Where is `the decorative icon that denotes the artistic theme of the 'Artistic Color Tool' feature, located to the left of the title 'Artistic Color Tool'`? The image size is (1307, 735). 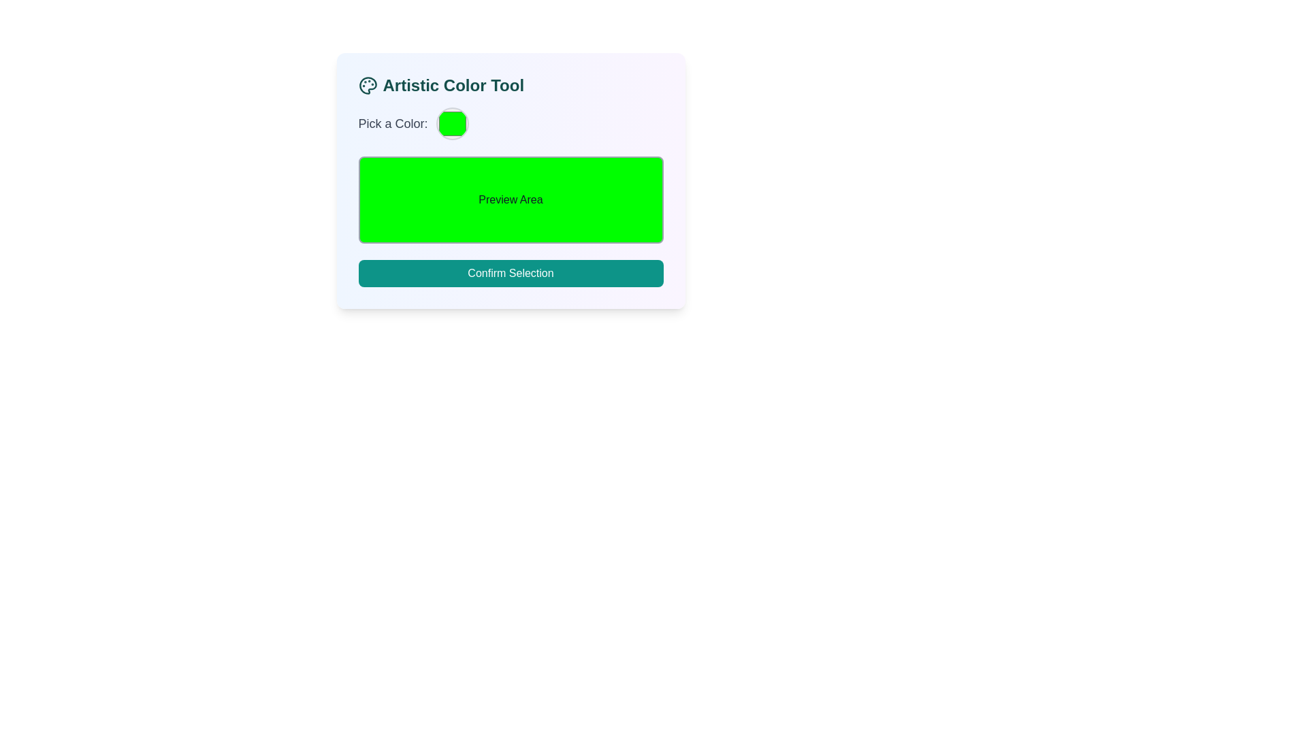
the decorative icon that denotes the artistic theme of the 'Artistic Color Tool' feature, located to the left of the title 'Artistic Color Tool' is located at coordinates (368, 86).